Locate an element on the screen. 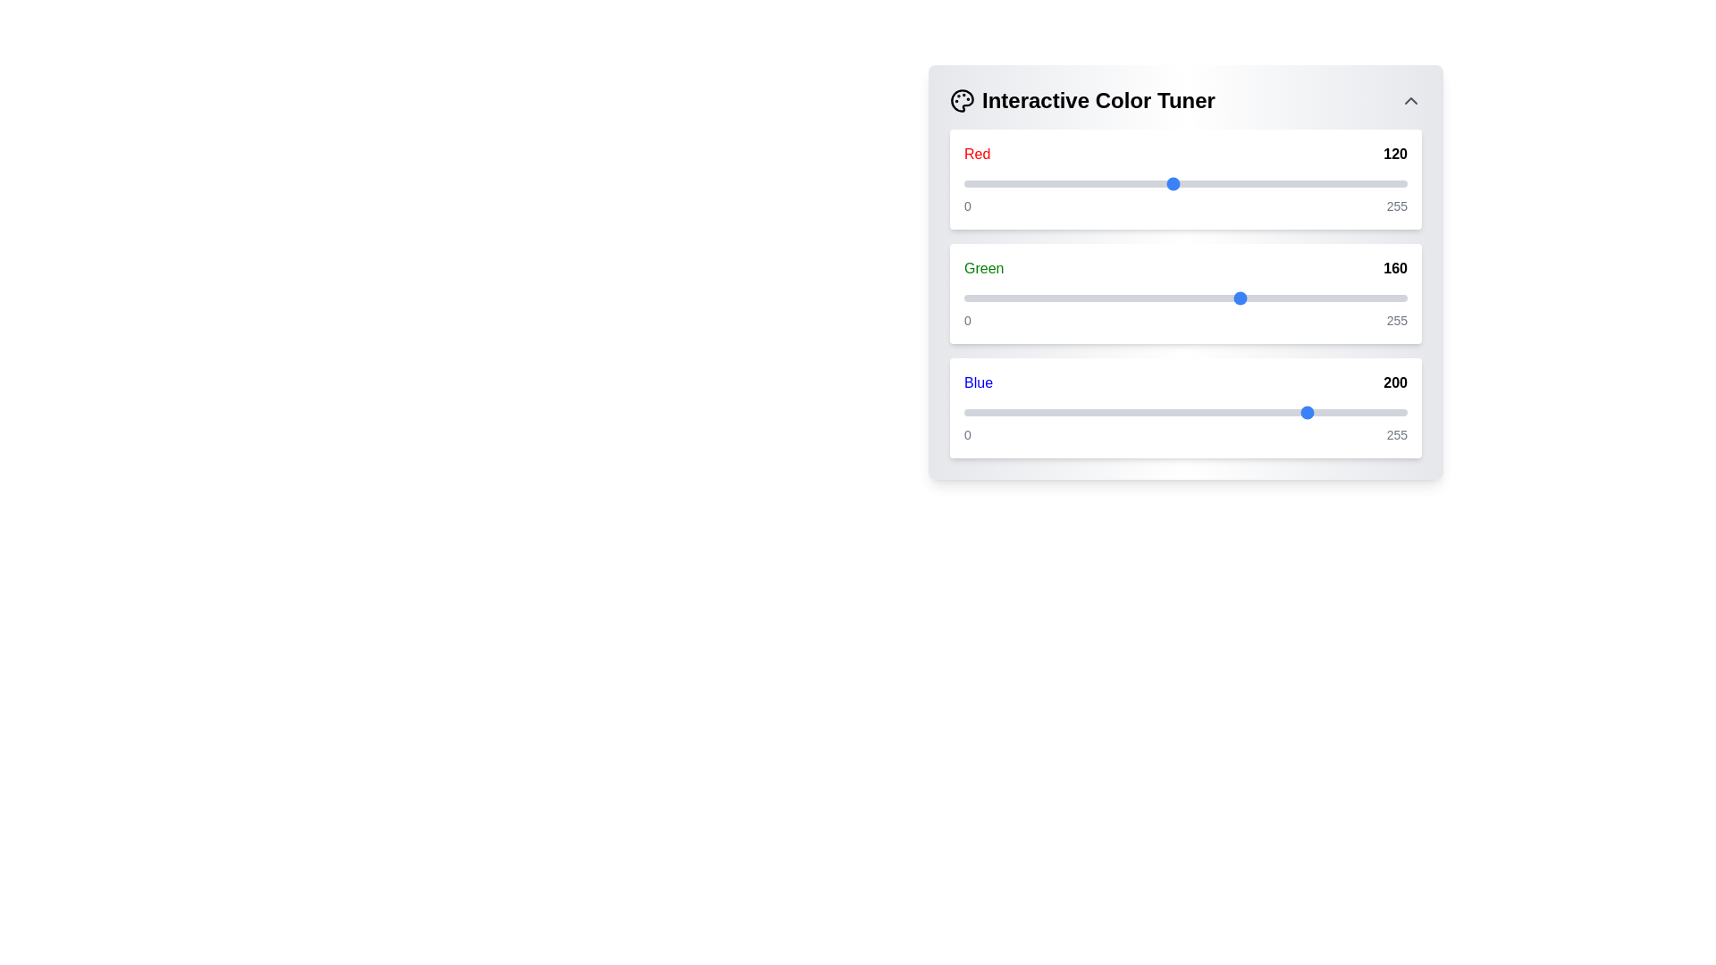 This screenshot has height=965, width=1716. the green component value is located at coordinates (1350, 298).